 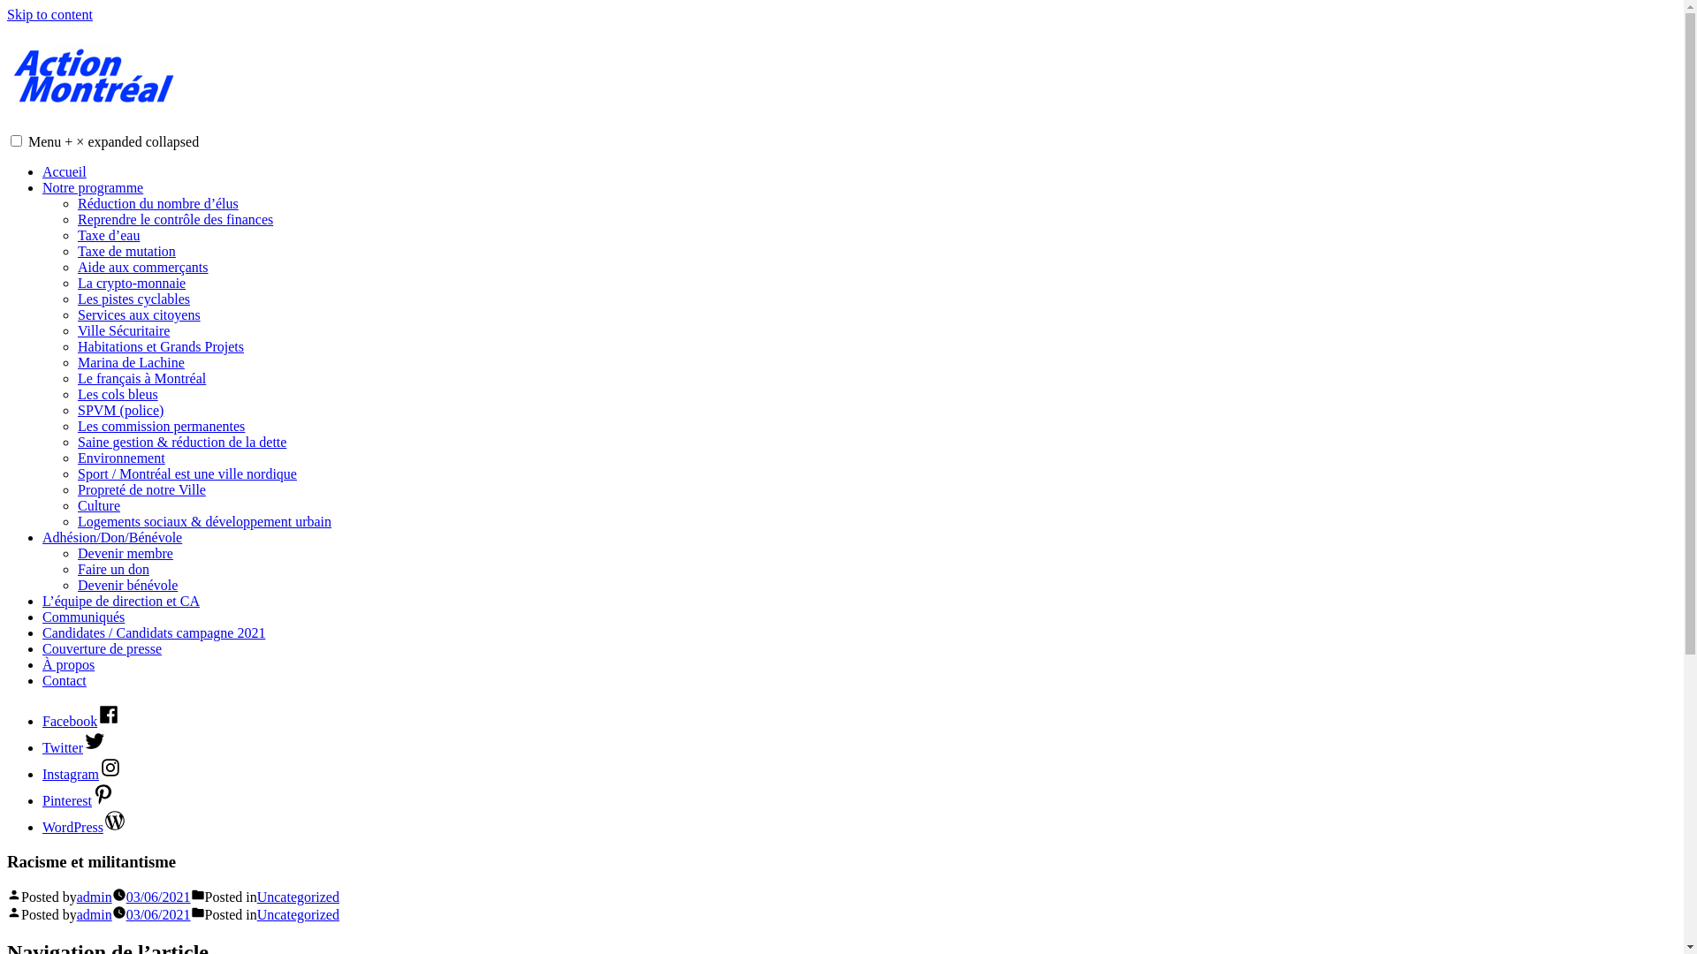 What do you see at coordinates (93, 897) in the screenshot?
I see `'admin'` at bounding box center [93, 897].